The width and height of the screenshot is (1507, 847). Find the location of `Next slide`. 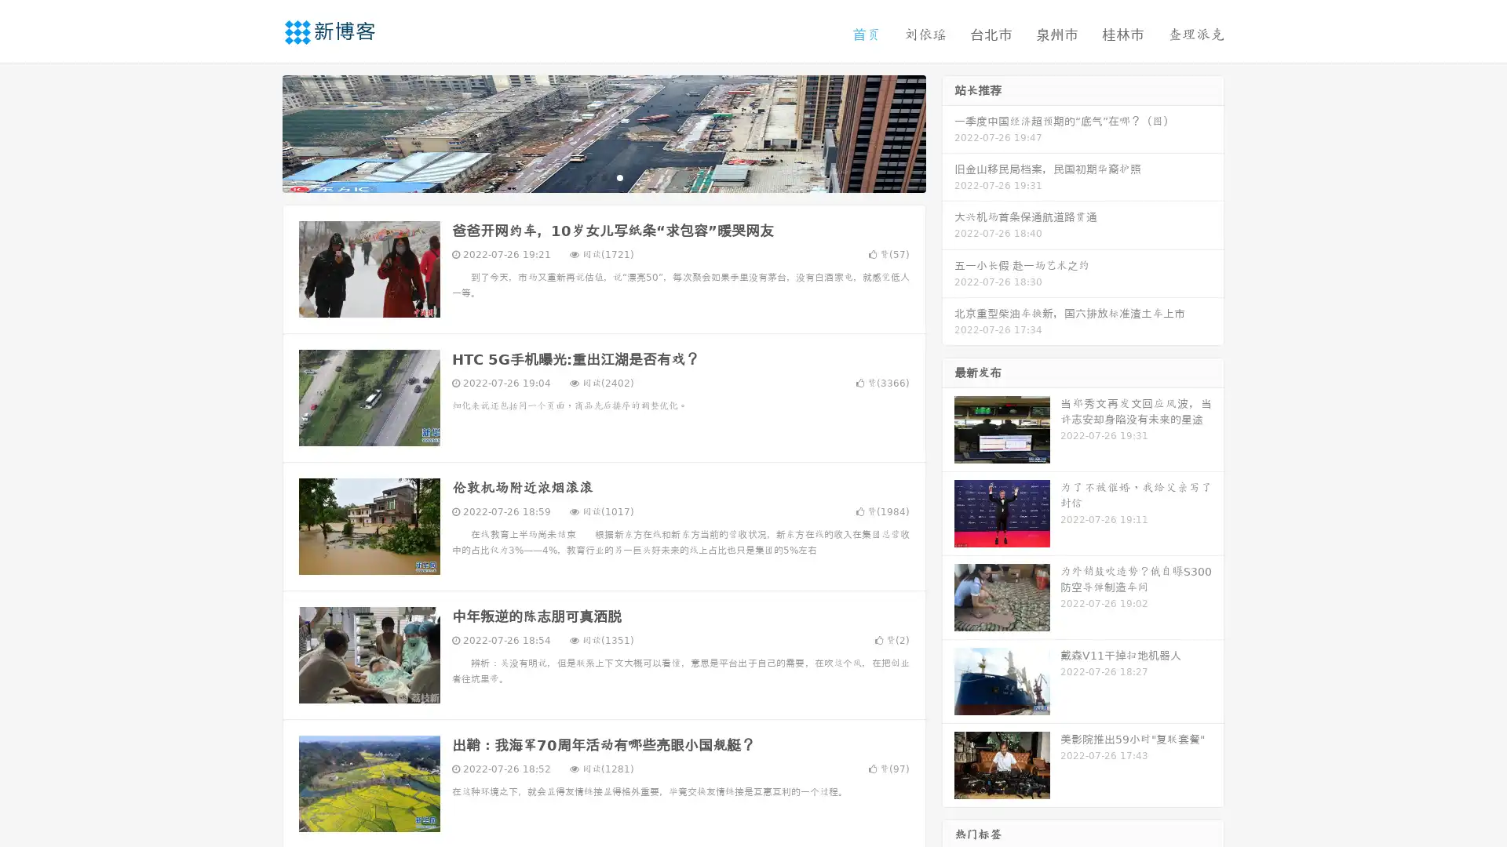

Next slide is located at coordinates (948, 132).